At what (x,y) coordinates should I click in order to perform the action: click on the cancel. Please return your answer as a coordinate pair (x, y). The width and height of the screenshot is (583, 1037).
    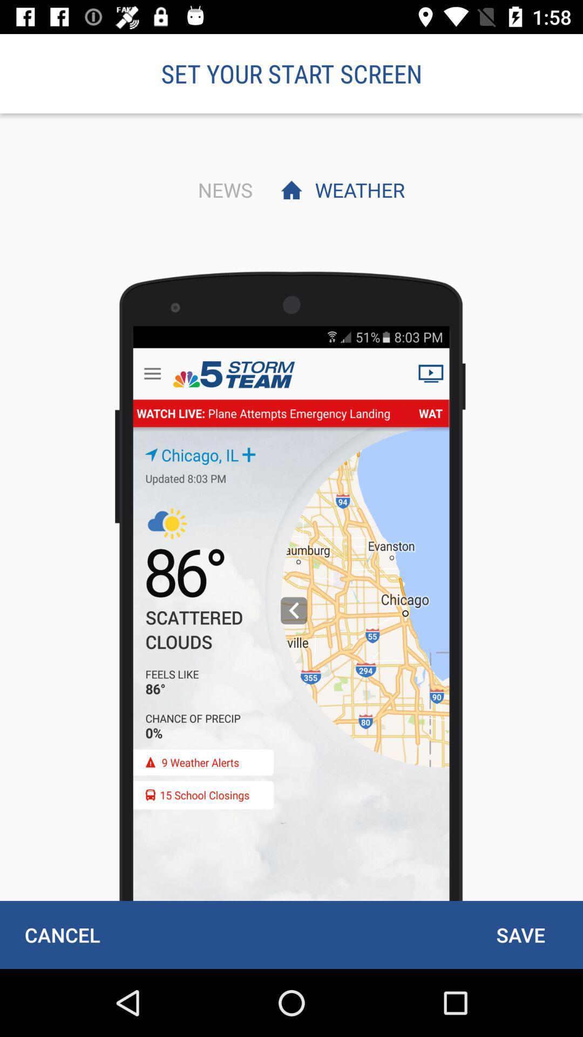
    Looking at the image, I should click on (62, 934).